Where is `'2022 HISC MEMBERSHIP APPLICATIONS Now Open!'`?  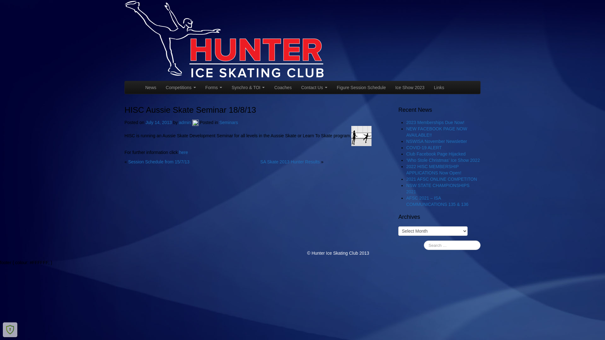 '2022 HISC MEMBERSHIP APPLICATIONS Now Open!' is located at coordinates (406, 169).